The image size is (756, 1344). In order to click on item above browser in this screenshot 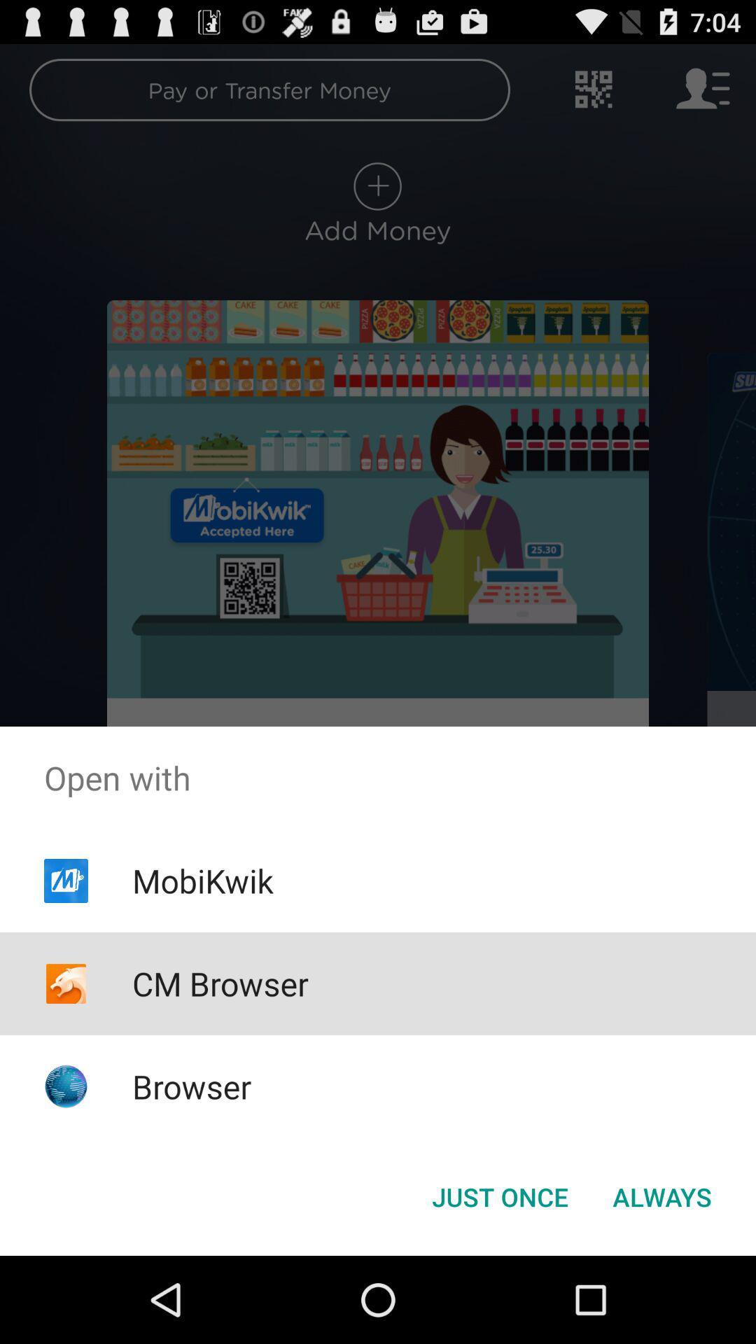, I will do `click(220, 983)`.